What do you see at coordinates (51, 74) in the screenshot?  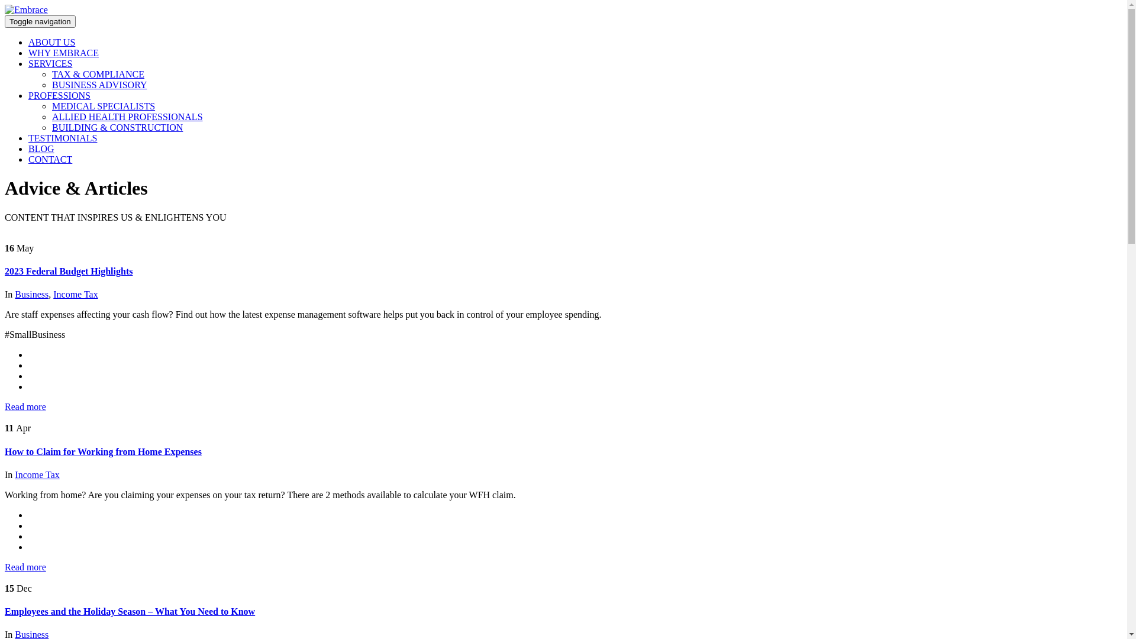 I see `'TAX & COMPLIANCE'` at bounding box center [51, 74].